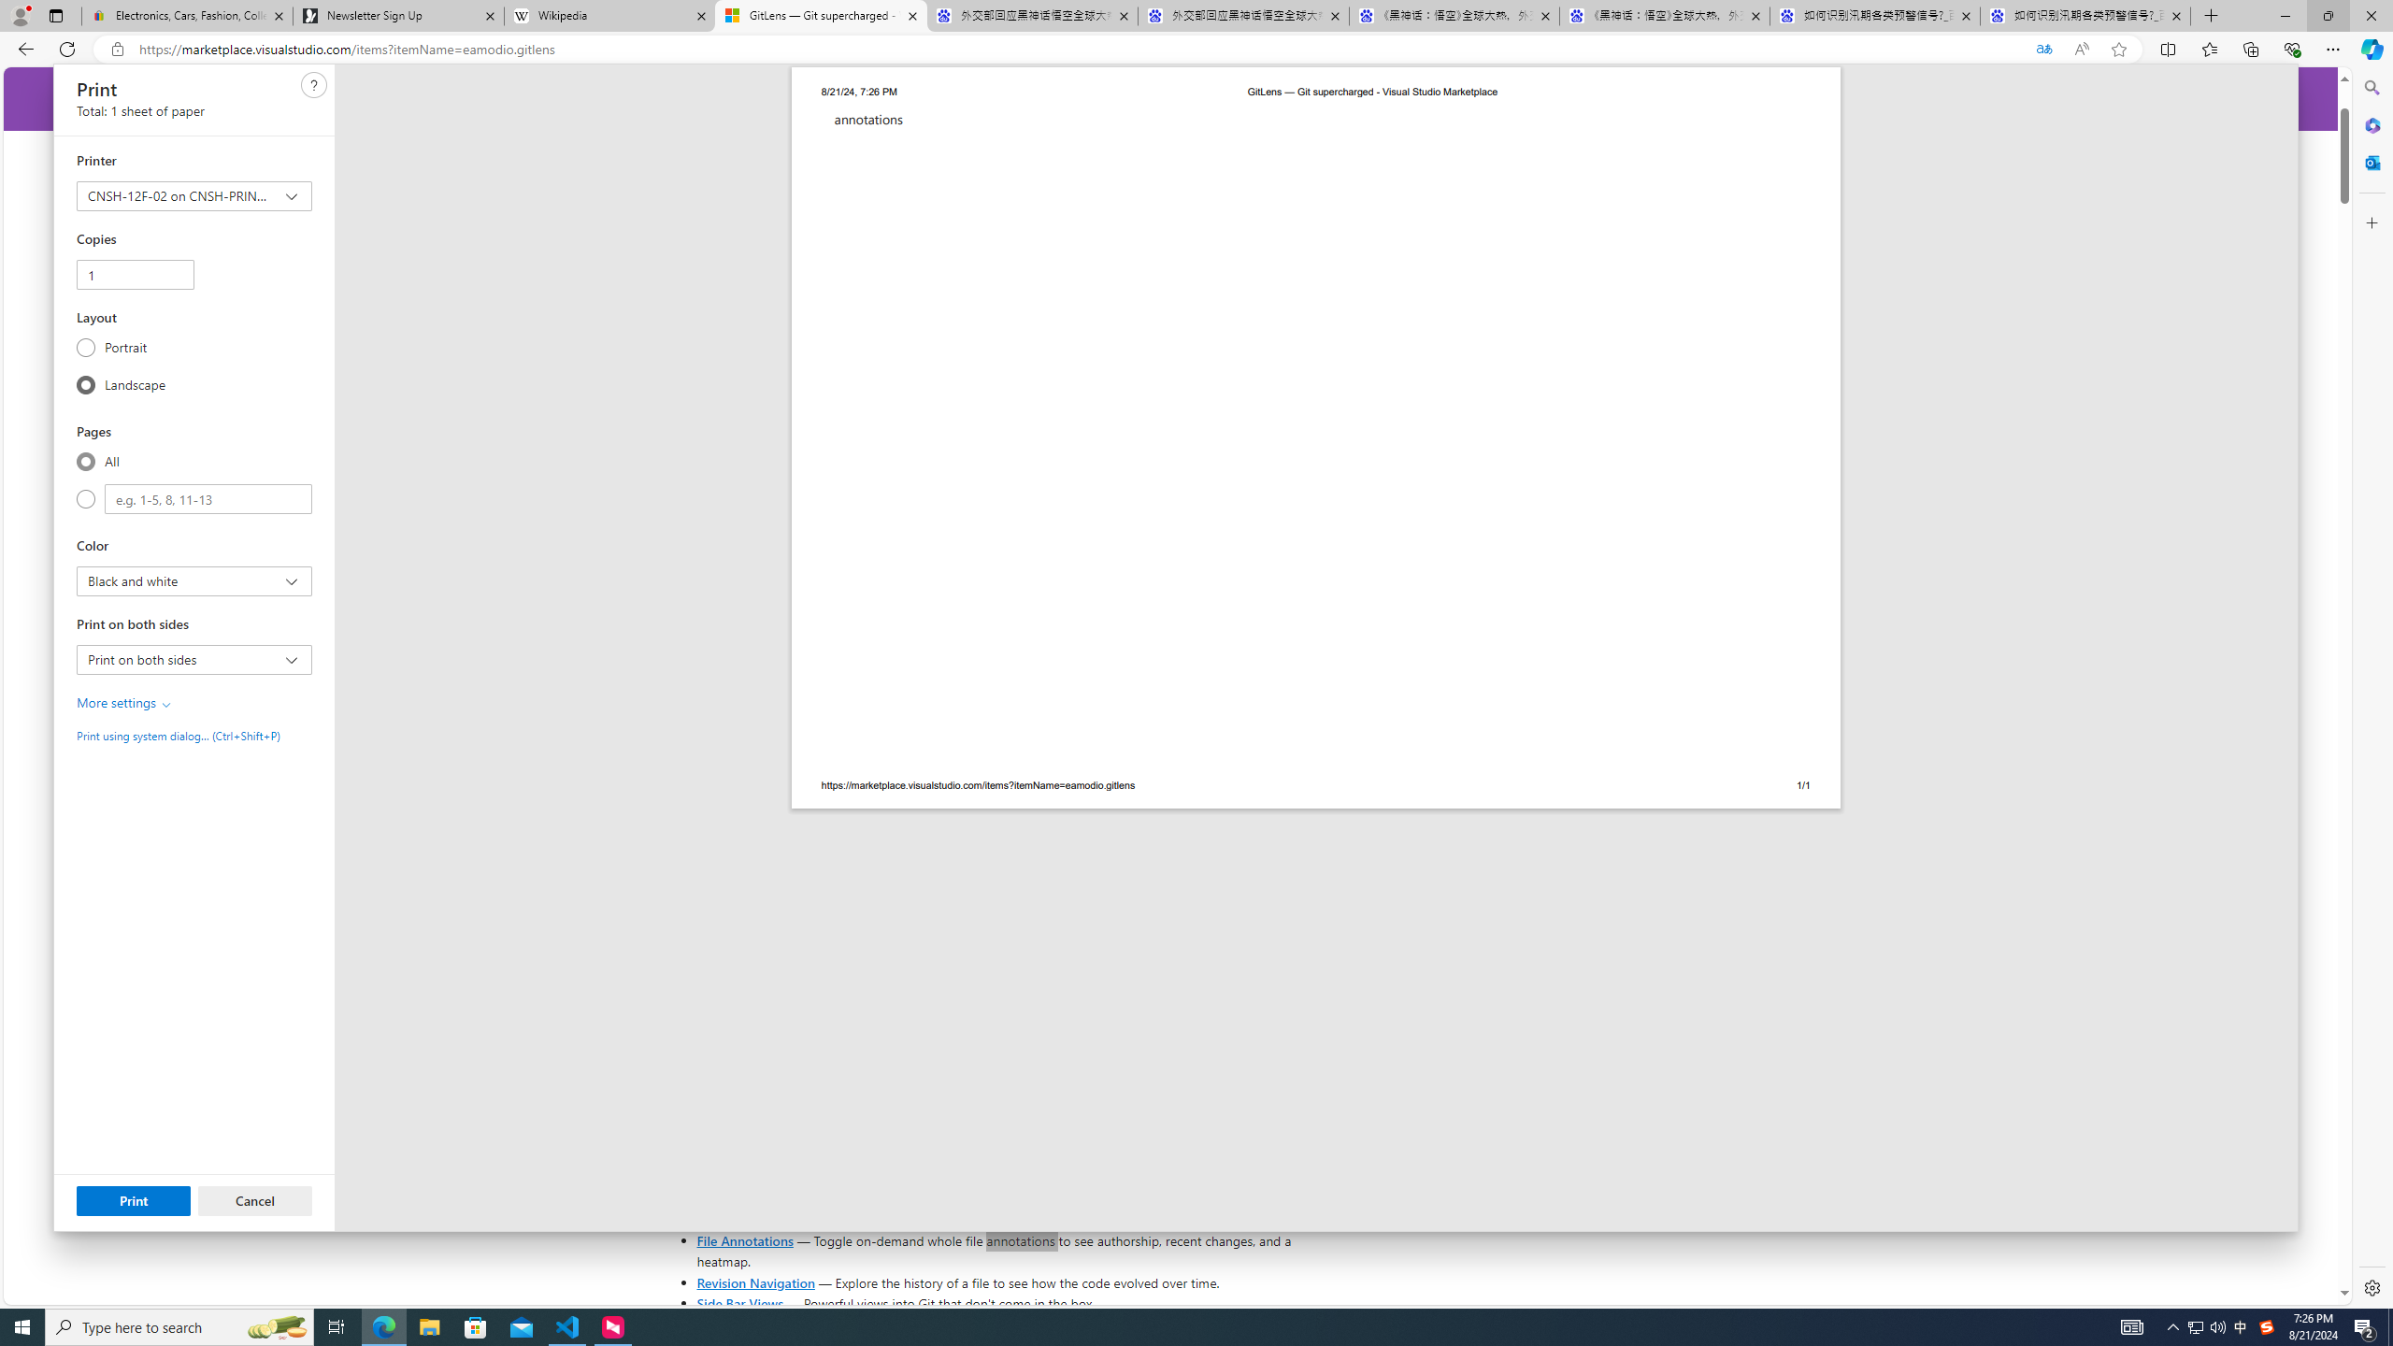 The height and width of the screenshot is (1346, 2393). I want to click on 'Copies', so click(134, 273).